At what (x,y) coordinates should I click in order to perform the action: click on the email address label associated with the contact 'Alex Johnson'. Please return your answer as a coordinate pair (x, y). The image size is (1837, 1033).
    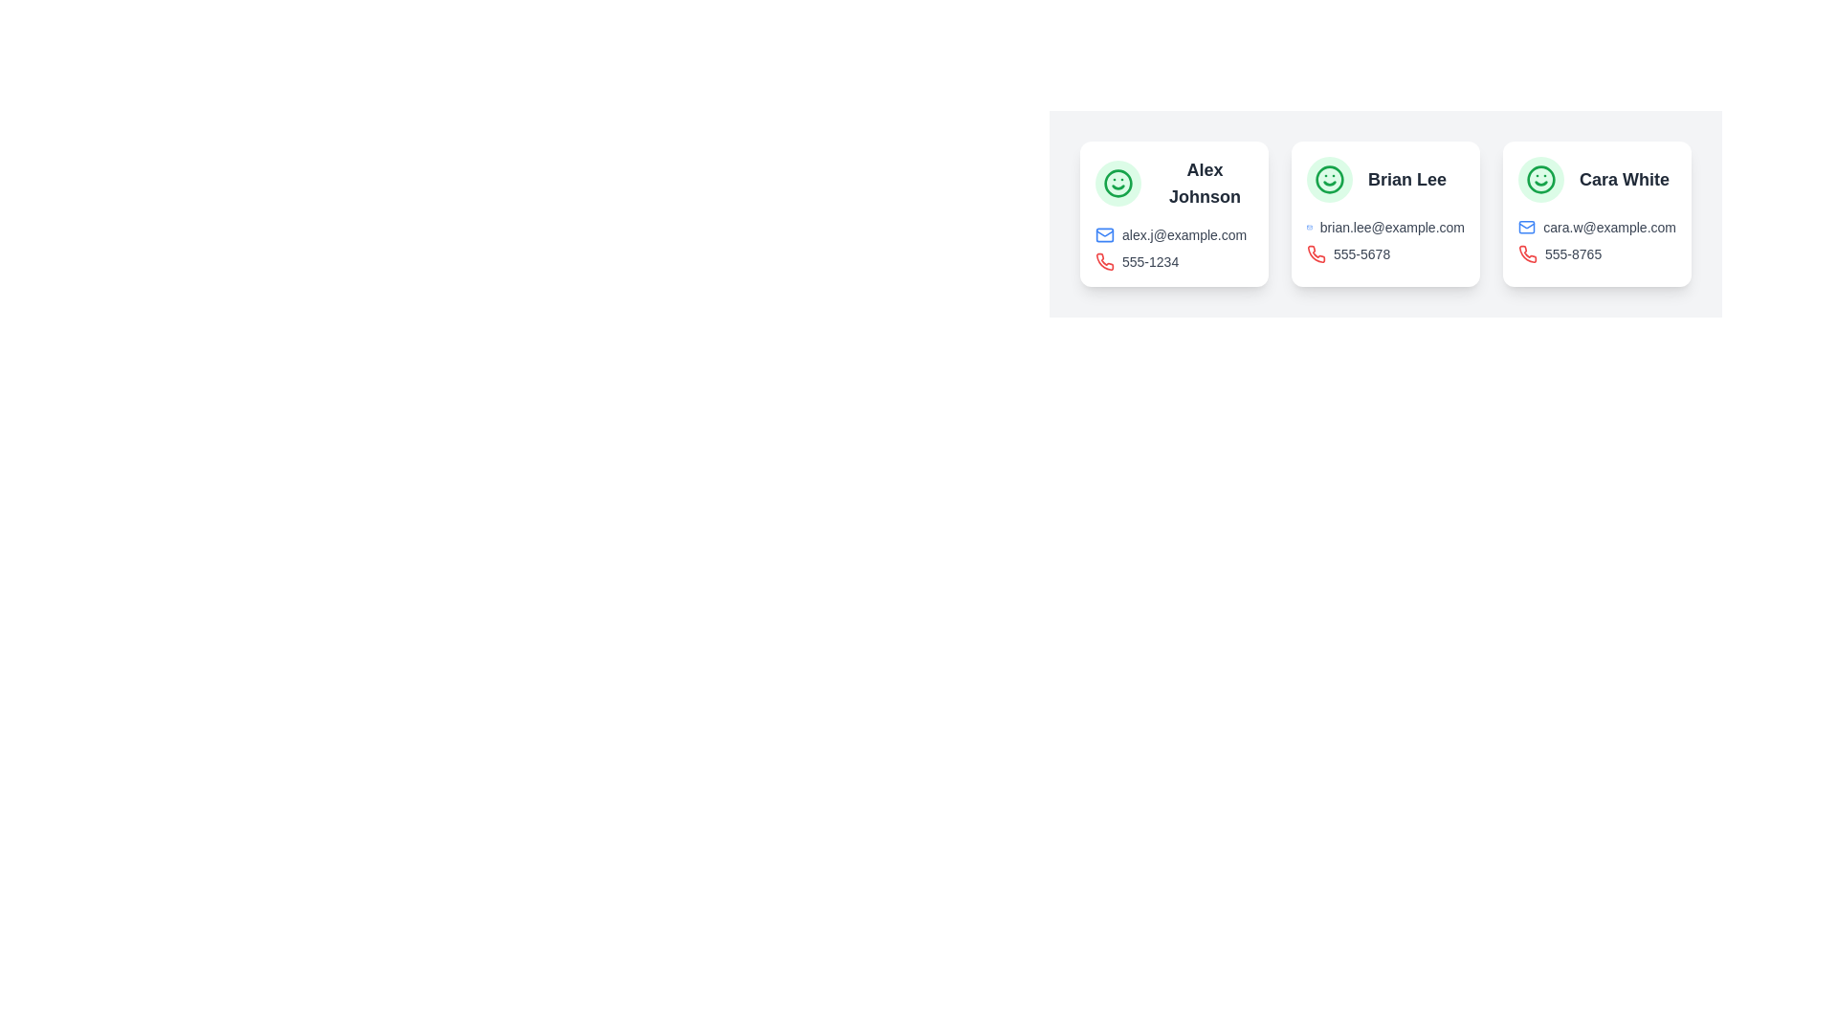
    Looking at the image, I should click on (1184, 234).